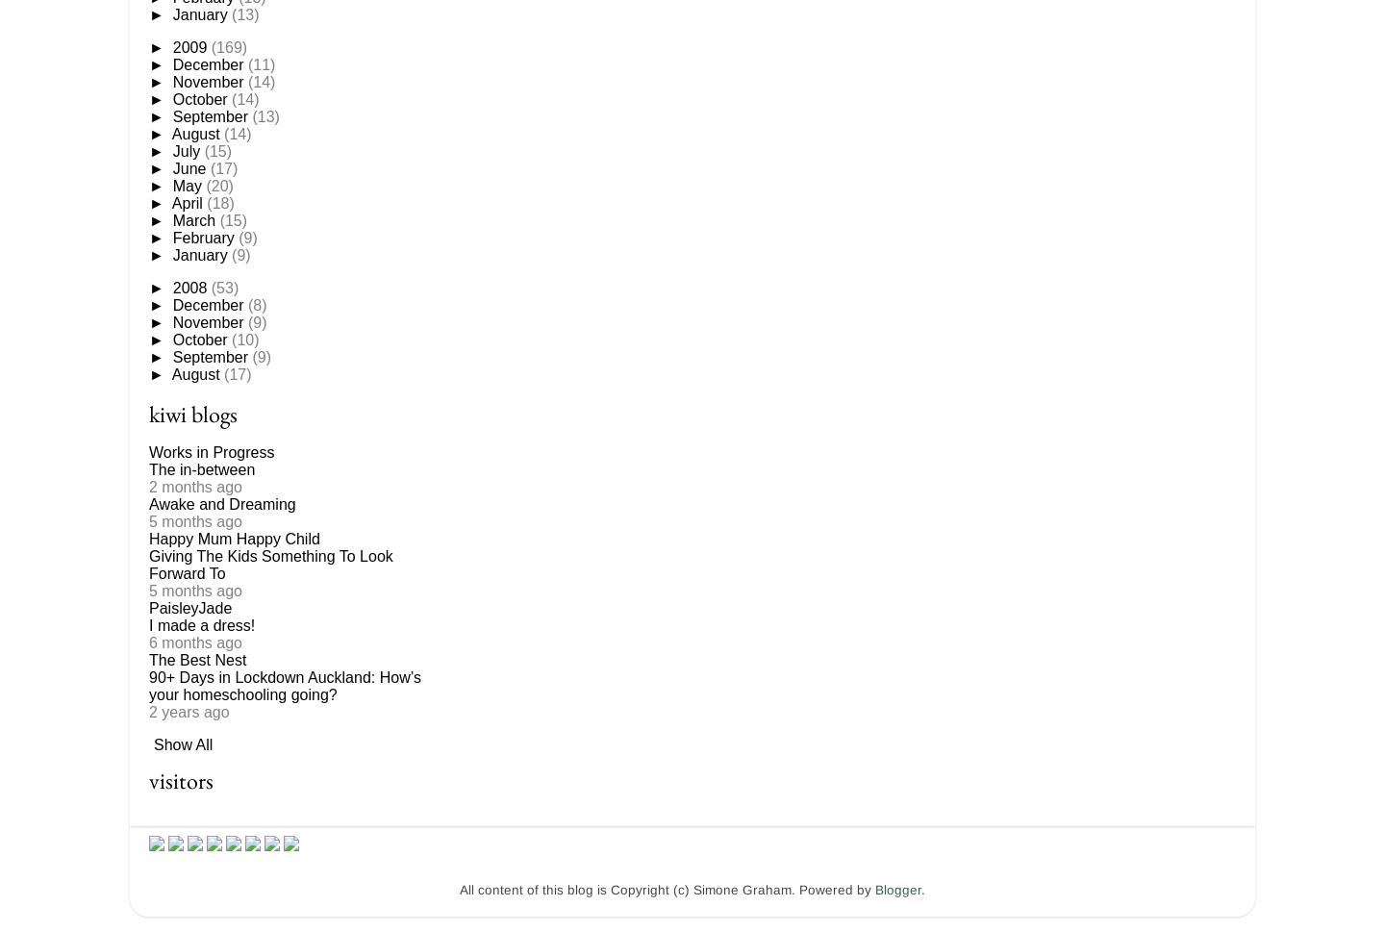 This screenshot has width=1385, height=932. What do you see at coordinates (233, 539) in the screenshot?
I see `'Happy Mum Happy Child'` at bounding box center [233, 539].